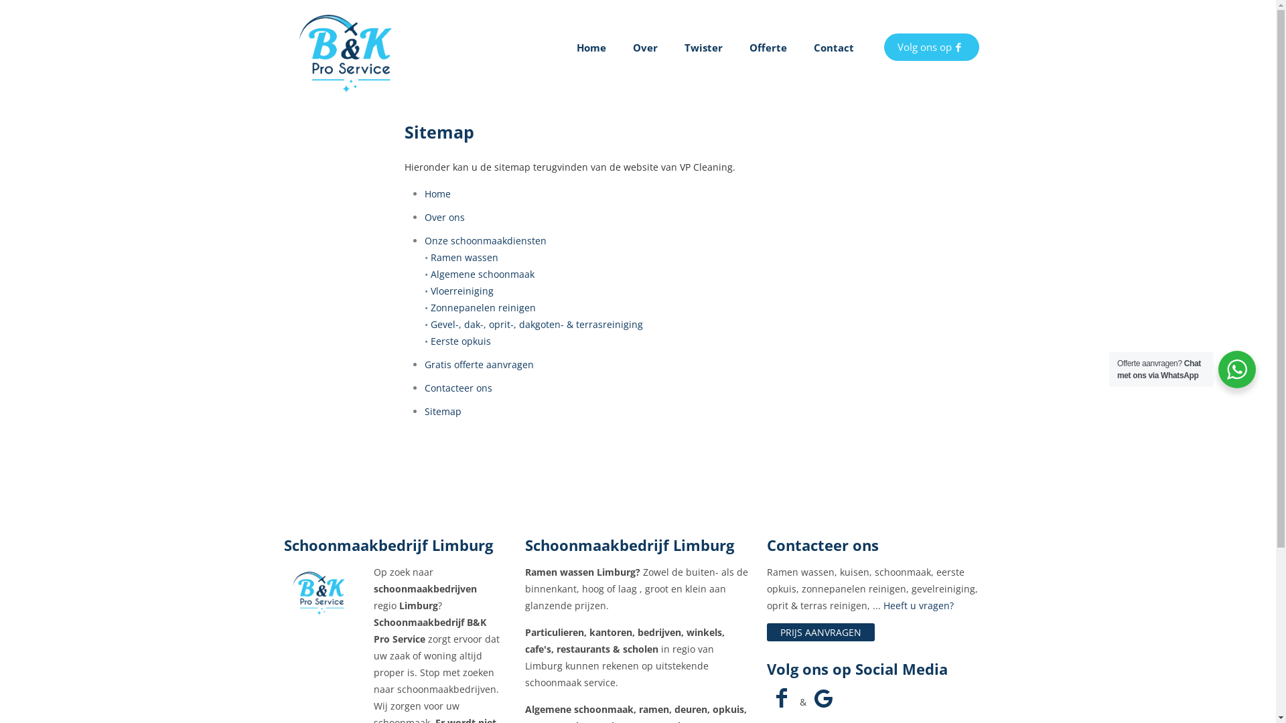  I want to click on 'Gratis offerte aanvragen', so click(479, 364).